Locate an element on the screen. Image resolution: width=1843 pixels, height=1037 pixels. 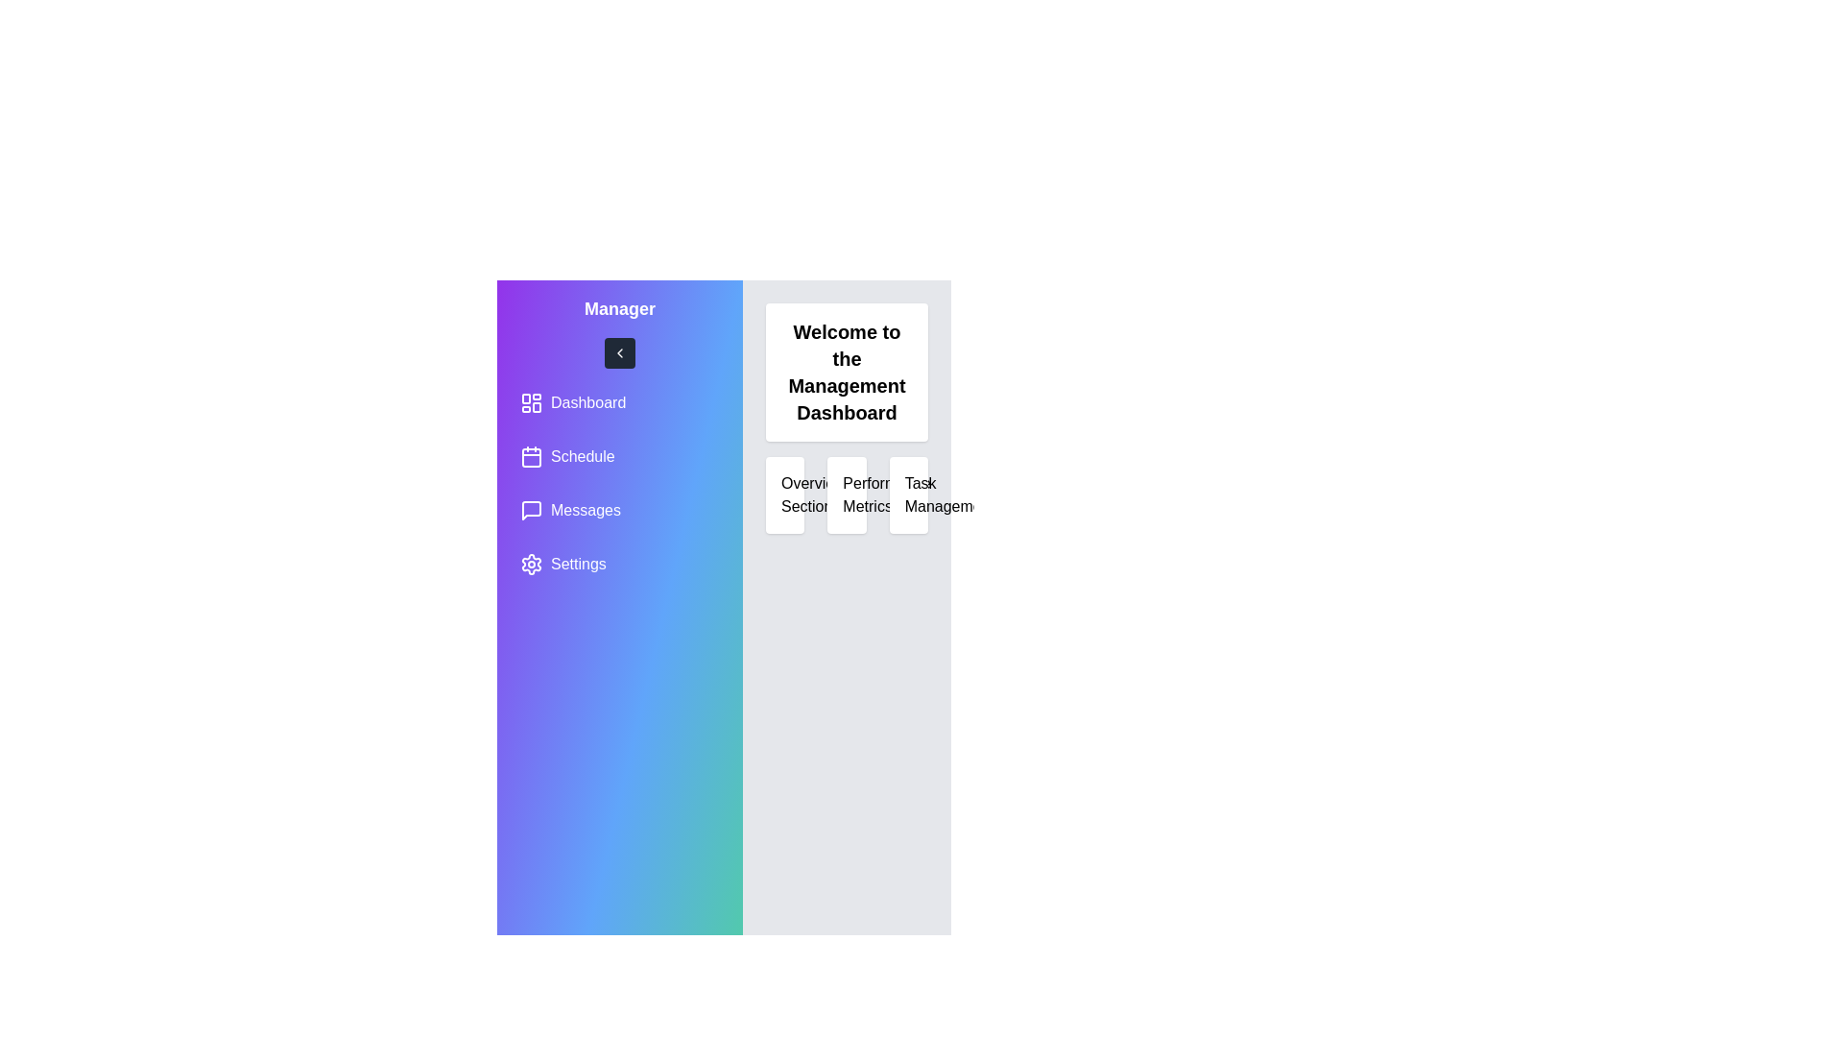
the Dashboard icon located in the left sidebar, which is the sole graphic in the button labeled 'Dashboard' is located at coordinates (531, 402).